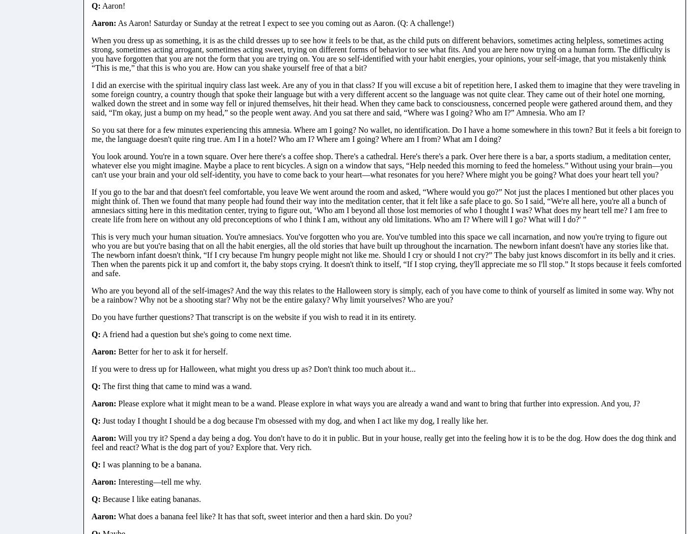  I want to click on 'When you dress up as something, it is as the child dresses up to see how it feels to be that, as the child puts on different behaviors, sometimes acting helpless, sometimes acting strong, sometimes acting arrogant, sometimes acting sweet, trying on different forms of behavior to see what fits. And you are here now trying on a human form. The difficulty is you have forgotten that you are not the form that you are trying on. You are so self-identified with your habit energies, your opinions, your self-image, that you mistakenly think “This is me,” that this is who you are. How can you shake yourself free of that a bit?', so click(380, 53).